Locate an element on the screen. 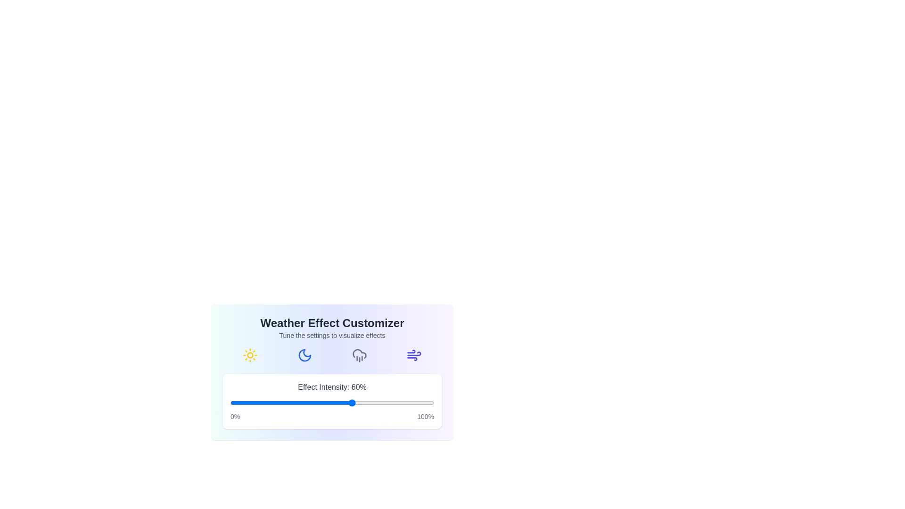  the effect intensity is located at coordinates (239, 403).